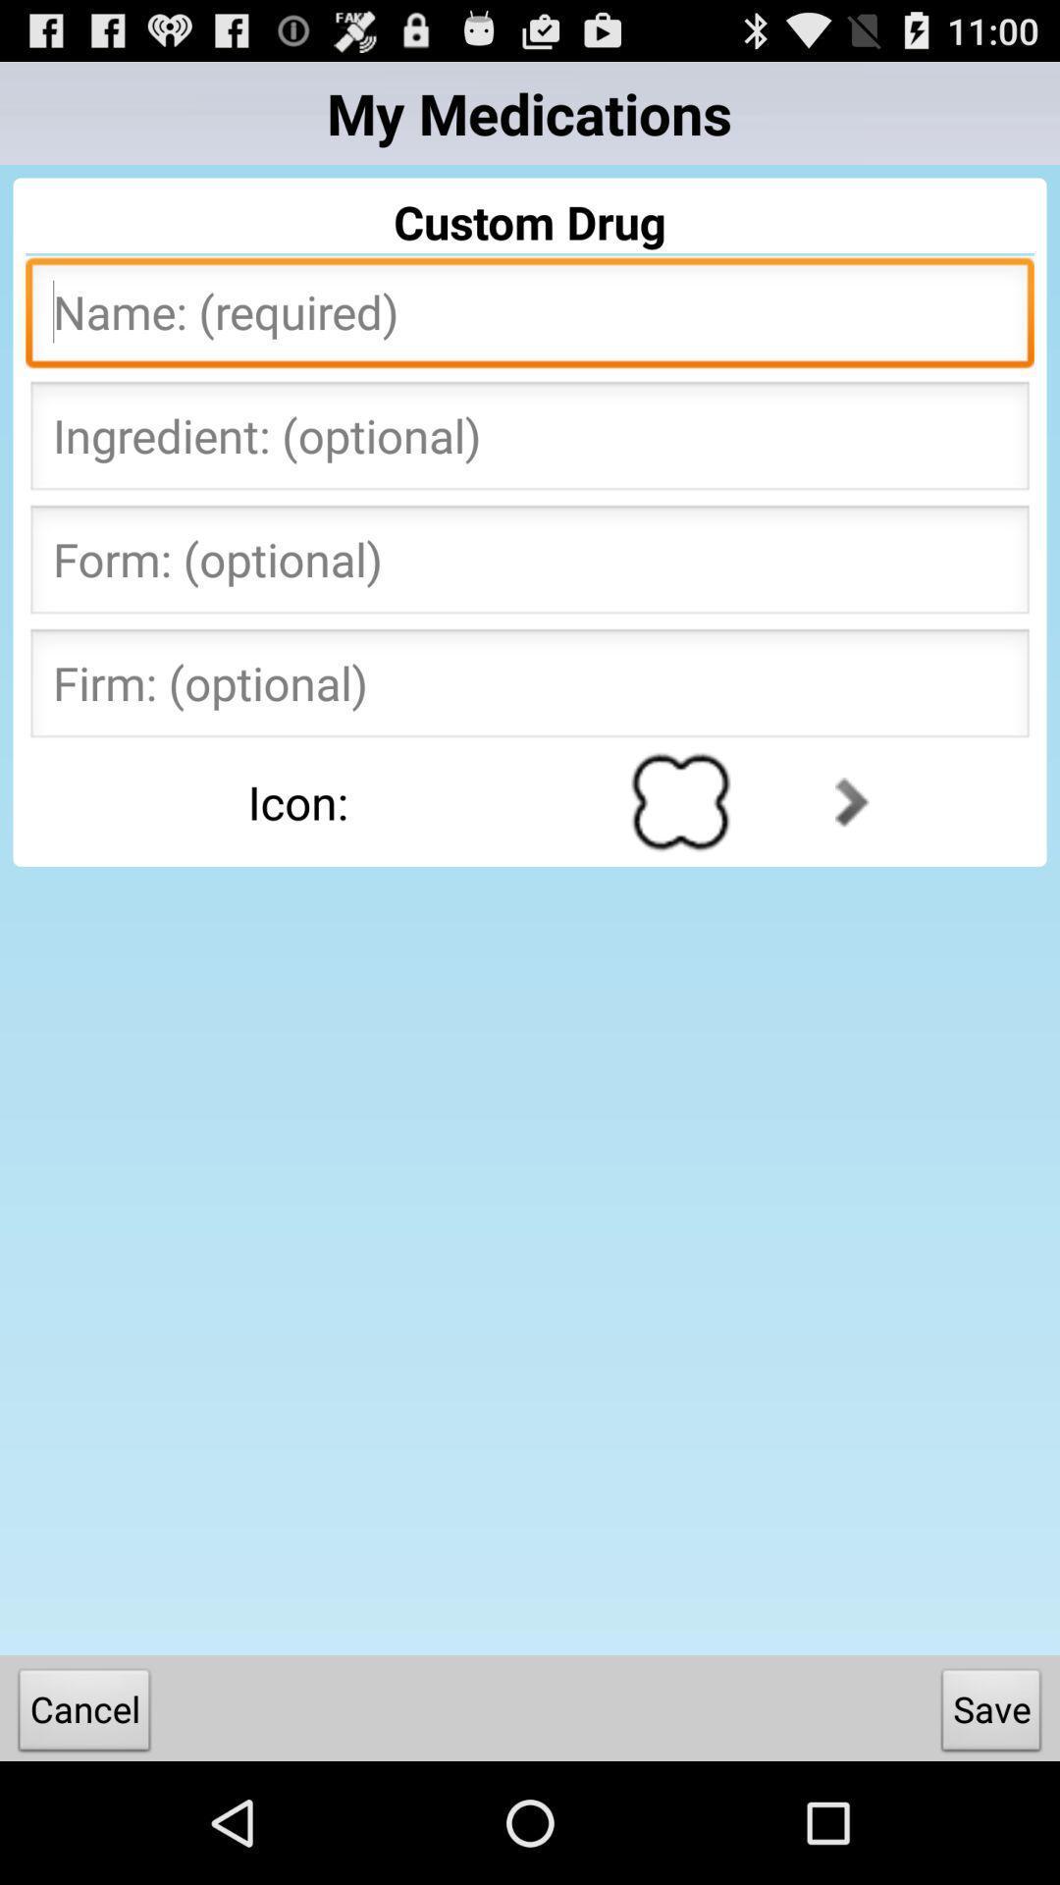  I want to click on ingredient input box, so click(530, 441).